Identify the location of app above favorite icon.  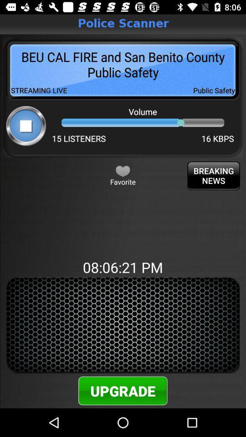
(123, 170).